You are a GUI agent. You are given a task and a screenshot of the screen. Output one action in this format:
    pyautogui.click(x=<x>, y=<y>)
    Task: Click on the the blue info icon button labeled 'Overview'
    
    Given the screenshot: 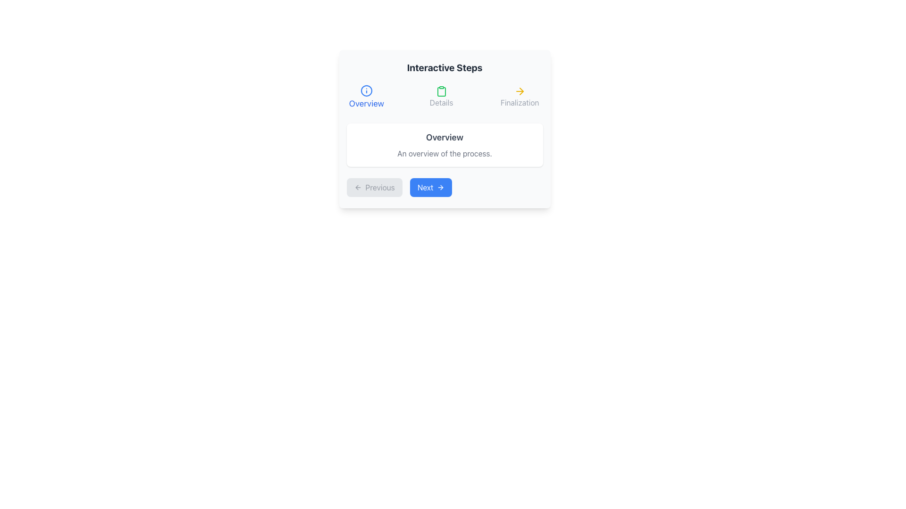 What is the action you would take?
    pyautogui.click(x=366, y=97)
    